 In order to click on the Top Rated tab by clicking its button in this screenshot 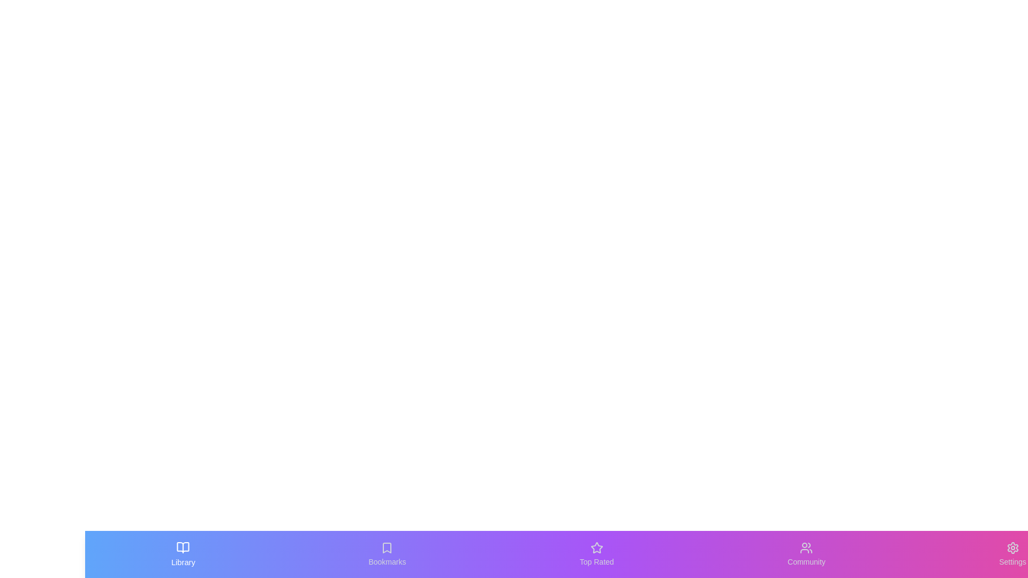, I will do `click(596, 554)`.